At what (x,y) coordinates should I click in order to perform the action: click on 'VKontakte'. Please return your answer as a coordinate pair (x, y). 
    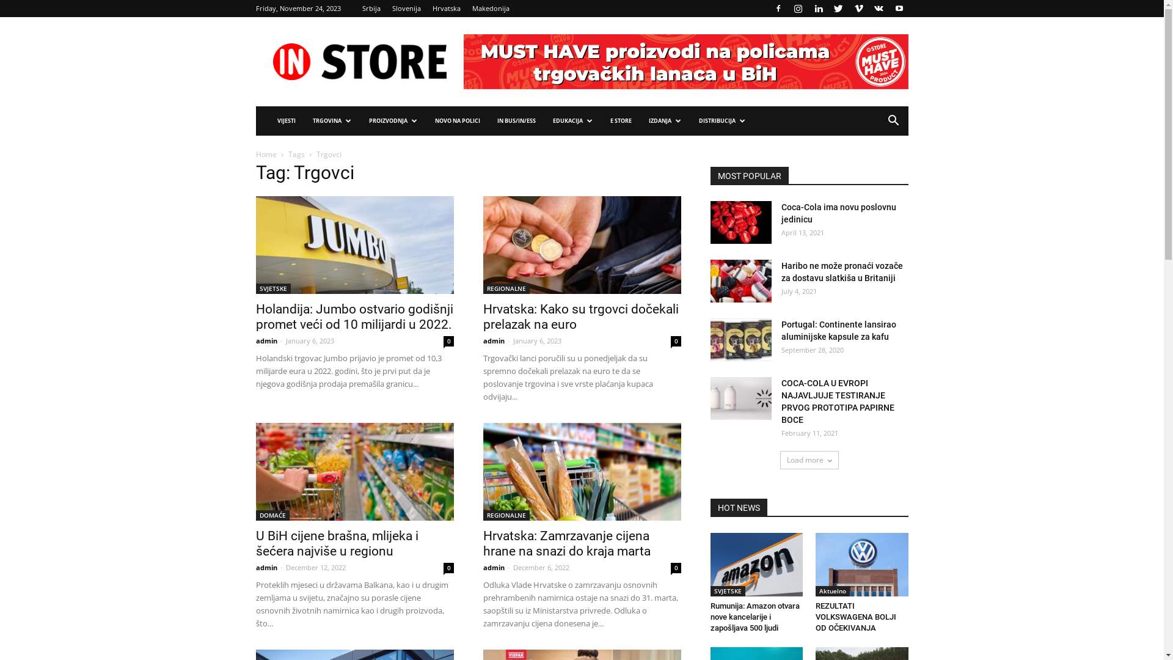
    Looking at the image, I should click on (879, 9).